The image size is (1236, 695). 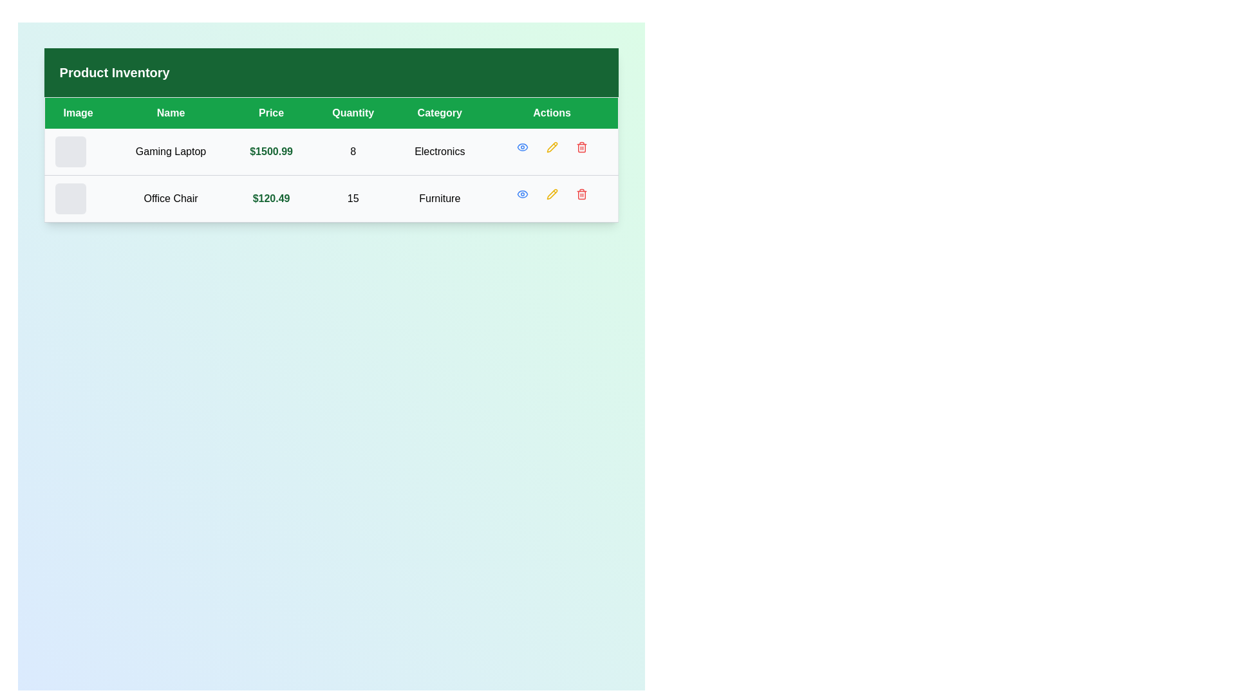 What do you see at coordinates (70, 198) in the screenshot?
I see `the placeholder element for the image of the 'Office Chair' located in the first column of the second row in the table` at bounding box center [70, 198].